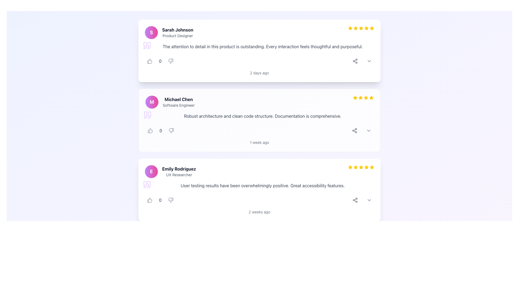 Image resolution: width=519 pixels, height=291 pixels. What do you see at coordinates (361, 167) in the screenshot?
I see `the fifth star icon in the row of rating stars located at the top-right corner of the review section to interact with the rating` at bounding box center [361, 167].